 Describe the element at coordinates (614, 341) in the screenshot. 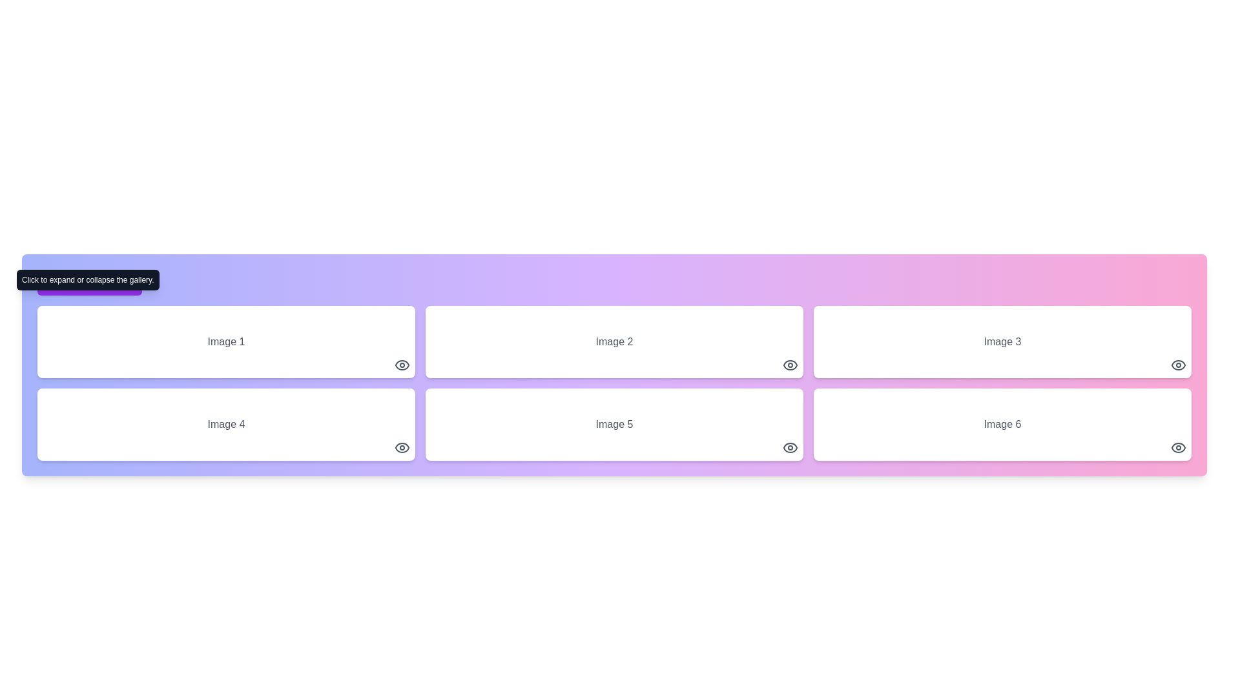

I see `the card component representing 'Image 2', which is located in the second position of the first row in a grid layout` at that location.